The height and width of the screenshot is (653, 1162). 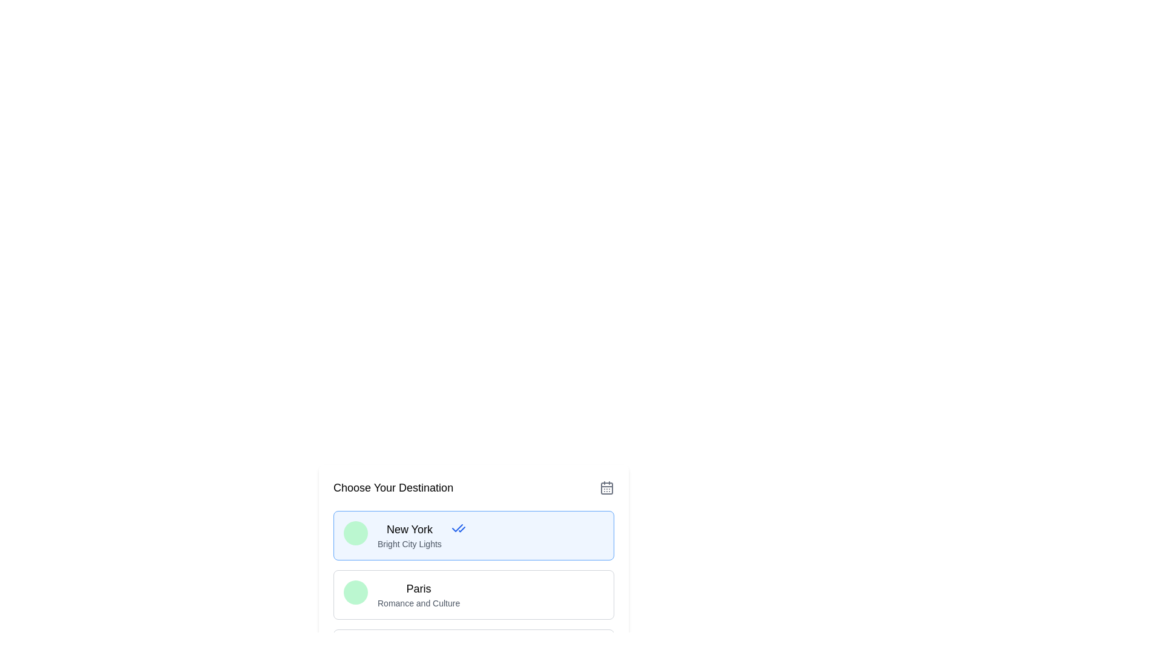 I want to click on the 'New York' selectable card in the list of destinations, so click(x=473, y=535).